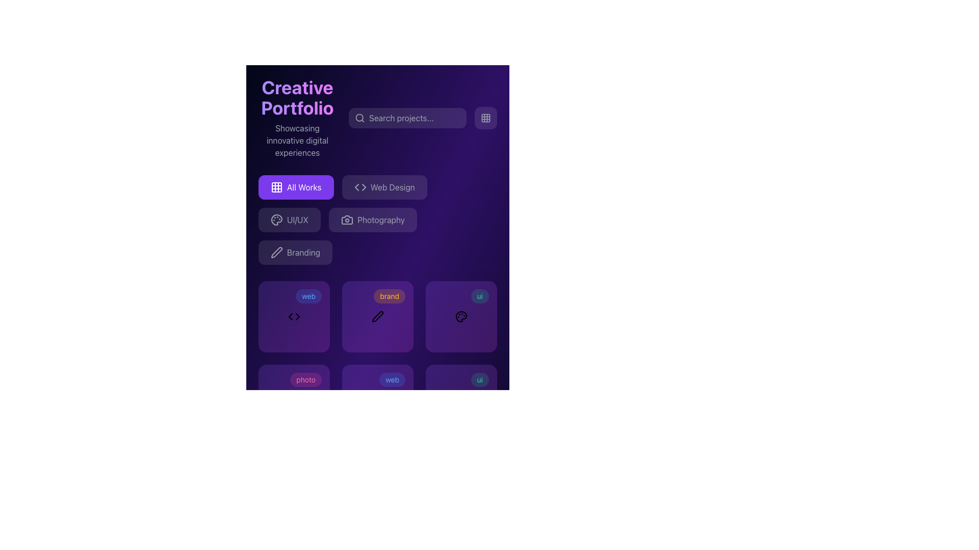 The image size is (979, 550). What do you see at coordinates (372, 420) in the screenshot?
I see `the number displayed on the Text label that shows the count of likes or favorites associated with the item, located near the bottom of the interface, to the right of the heart icon` at bounding box center [372, 420].